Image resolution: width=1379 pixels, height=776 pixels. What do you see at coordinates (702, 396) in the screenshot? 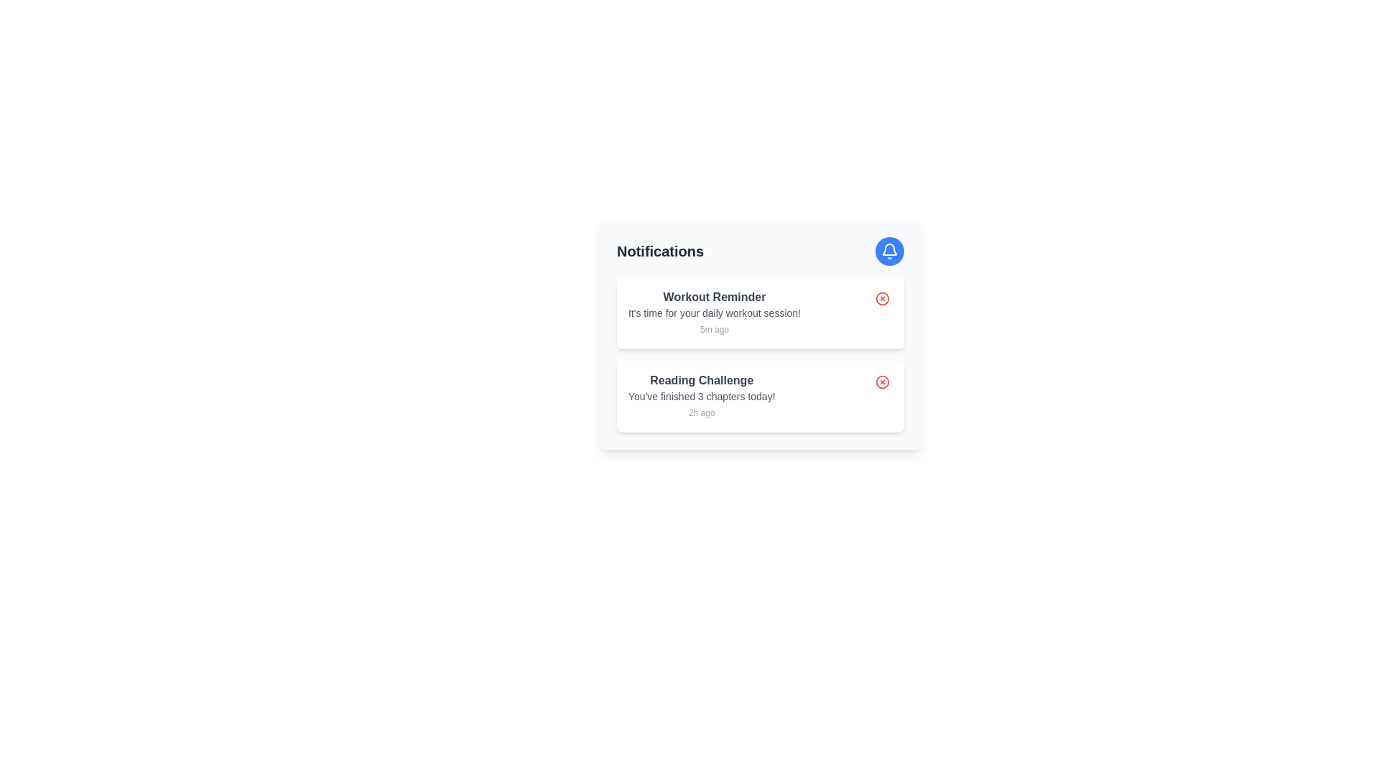
I see `informative text description located in the 'Reading Challenge' notification card, positioned as the second line of text below the title and above the timestamp '2h ago'` at bounding box center [702, 396].